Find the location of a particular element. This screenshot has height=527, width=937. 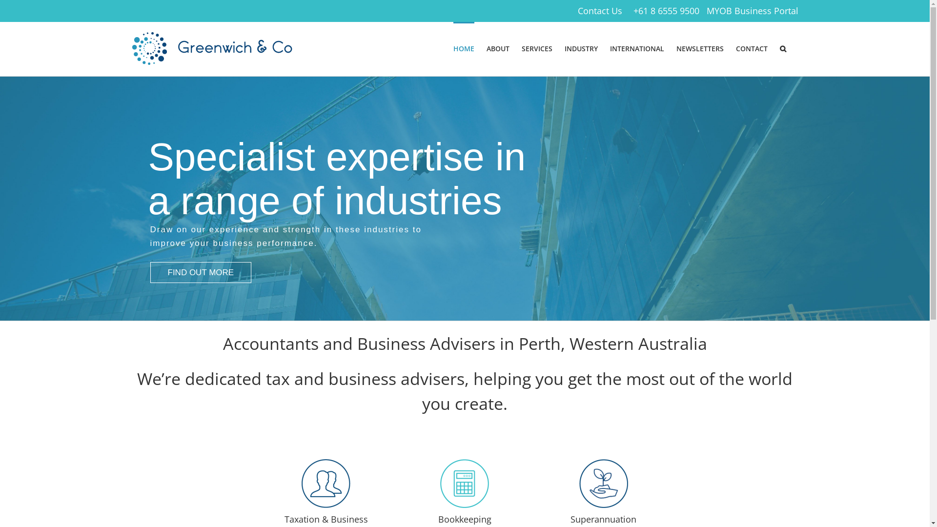

'HOME' is located at coordinates (463, 48).